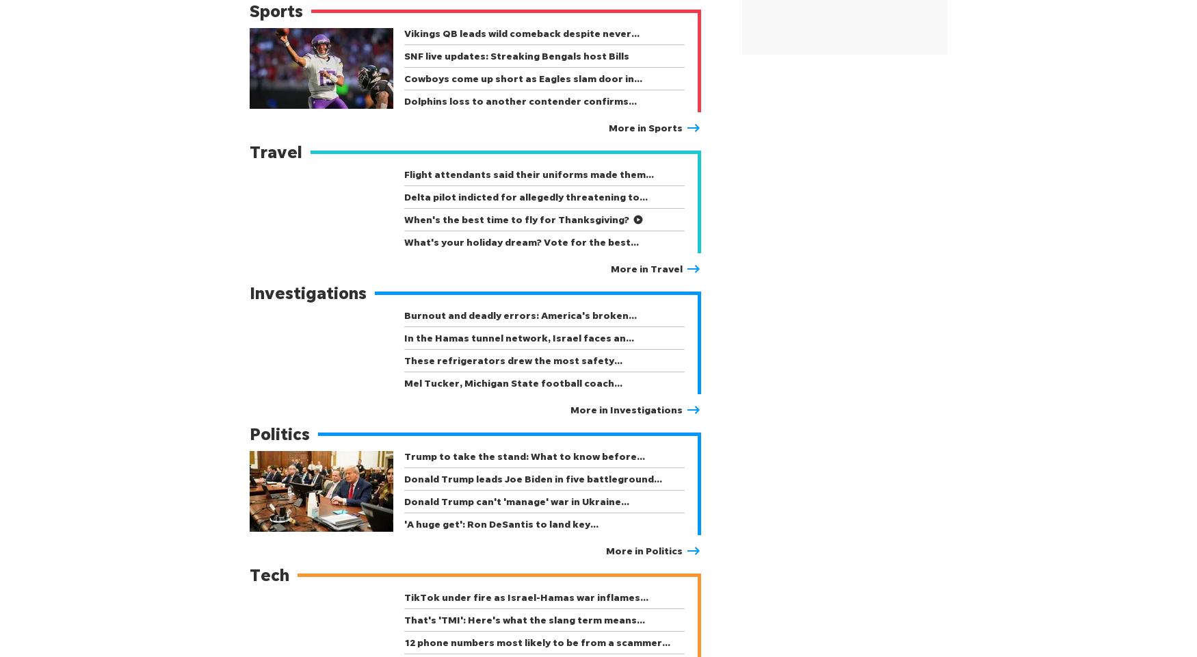 Image resolution: width=1197 pixels, height=657 pixels. I want to click on 'Donald Trump can't 'manage' war in Ukraine…', so click(516, 500).